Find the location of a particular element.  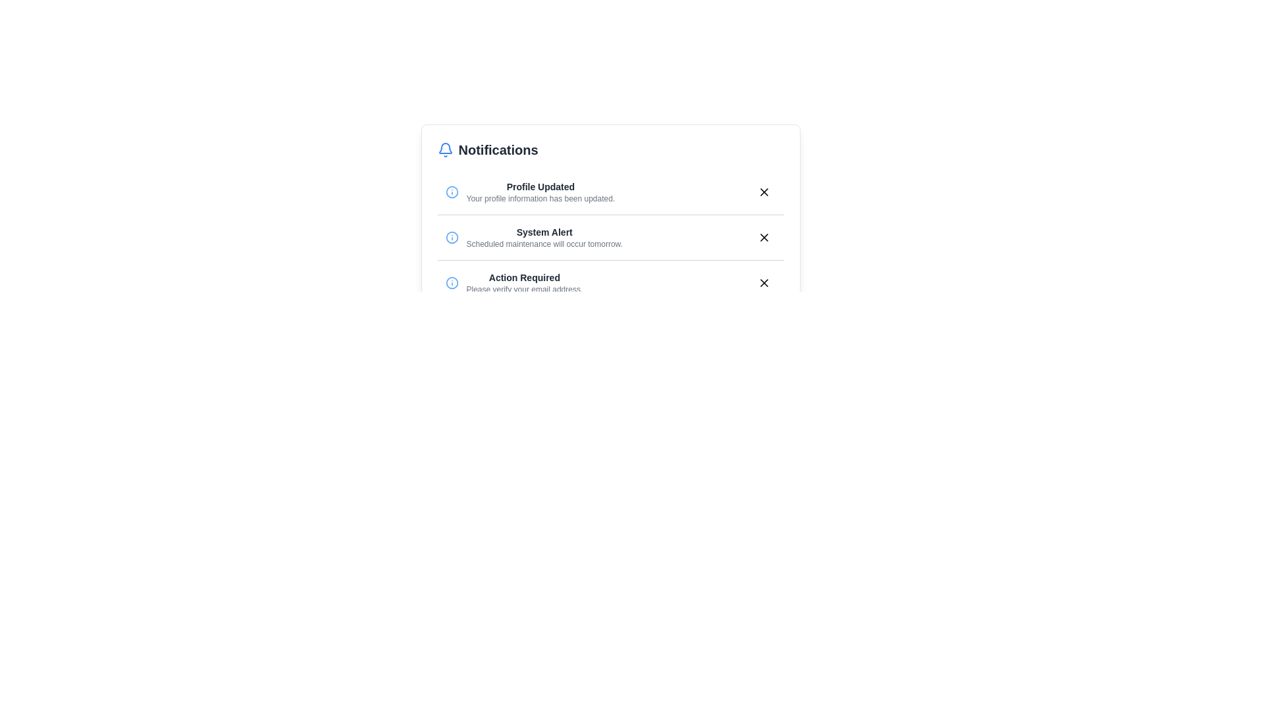

the third notification entry titled 'Action Required' is located at coordinates (610, 282).